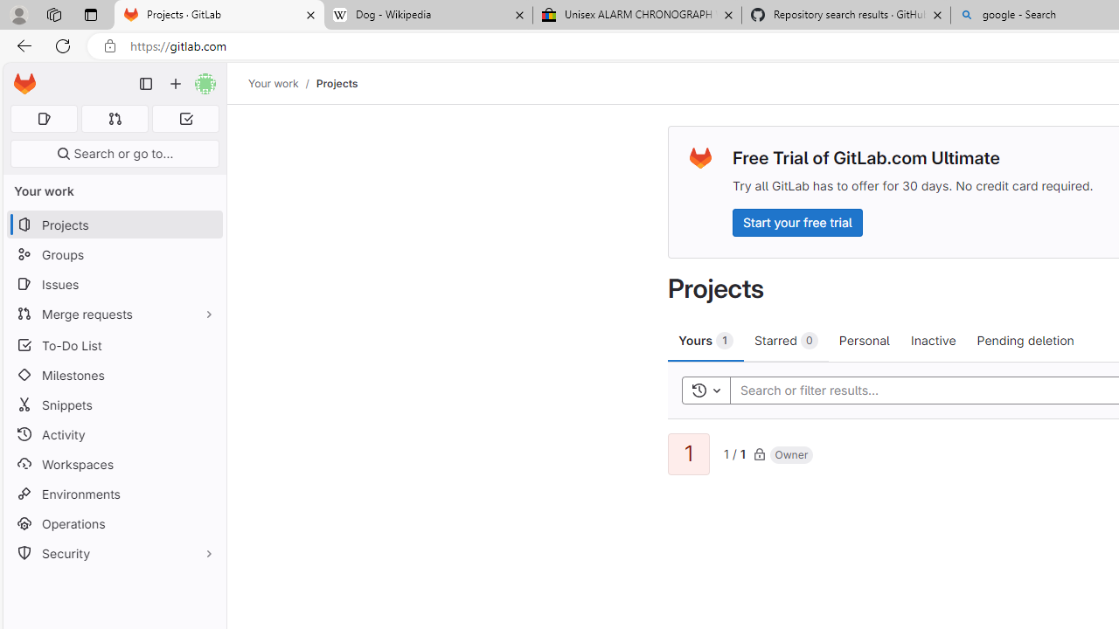 Image resolution: width=1119 pixels, height=629 pixels. I want to click on 'Groups', so click(114, 254).